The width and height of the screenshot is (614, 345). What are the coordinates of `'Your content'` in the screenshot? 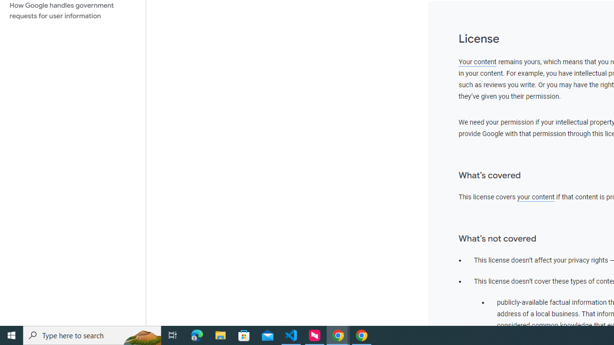 It's located at (477, 62).